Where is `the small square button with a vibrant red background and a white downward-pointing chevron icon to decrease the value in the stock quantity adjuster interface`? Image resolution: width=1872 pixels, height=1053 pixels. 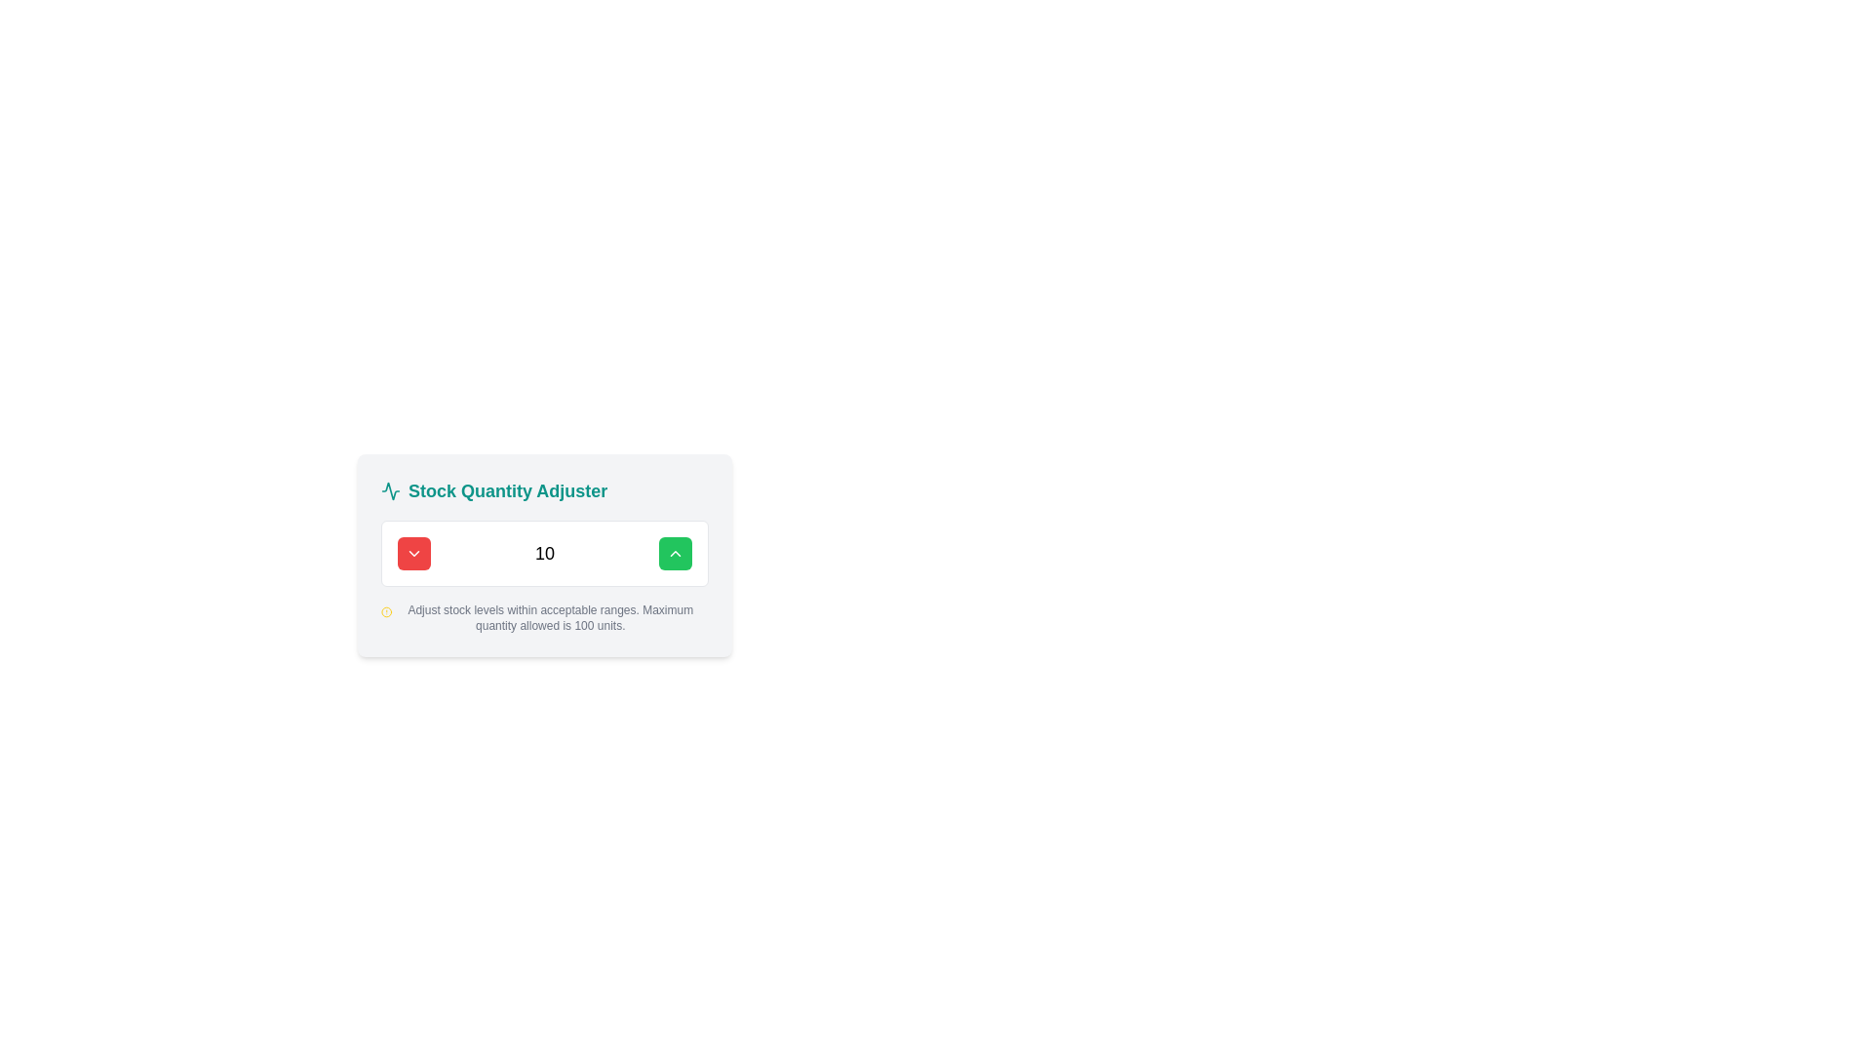
the small square button with a vibrant red background and a white downward-pointing chevron icon to decrease the value in the stock quantity adjuster interface is located at coordinates (413, 553).